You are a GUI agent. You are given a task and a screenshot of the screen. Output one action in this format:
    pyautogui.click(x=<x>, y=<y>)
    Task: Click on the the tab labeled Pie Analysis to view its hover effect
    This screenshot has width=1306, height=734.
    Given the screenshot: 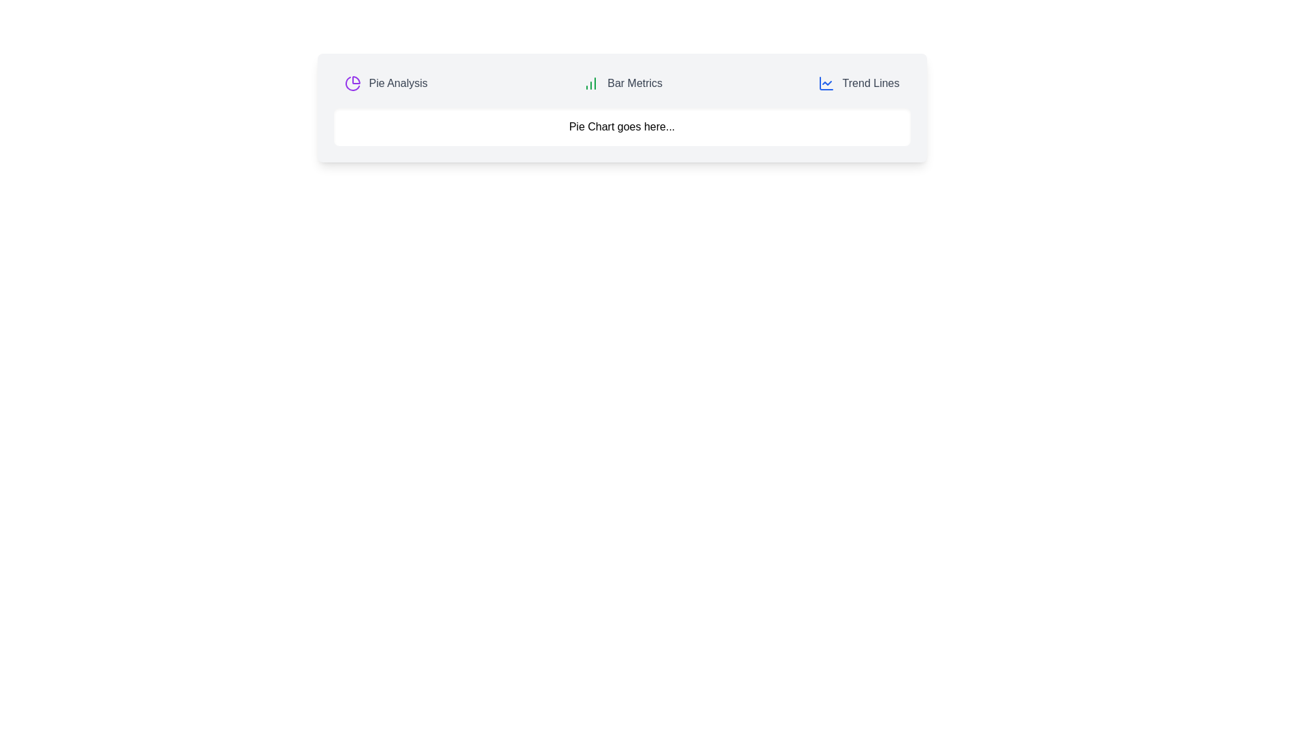 What is the action you would take?
    pyautogui.click(x=385, y=84)
    